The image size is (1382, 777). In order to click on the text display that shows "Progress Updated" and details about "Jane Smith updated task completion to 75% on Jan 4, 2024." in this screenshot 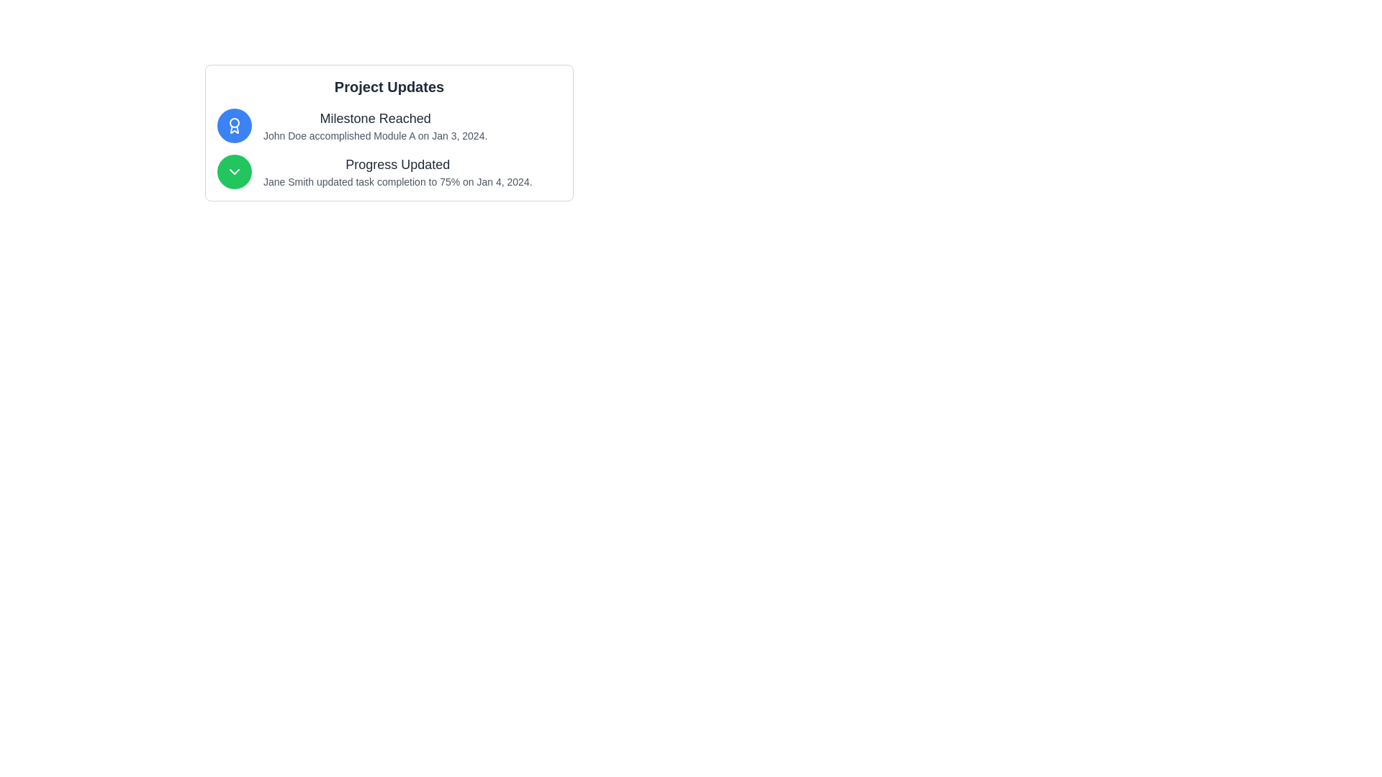, I will do `click(397, 171)`.